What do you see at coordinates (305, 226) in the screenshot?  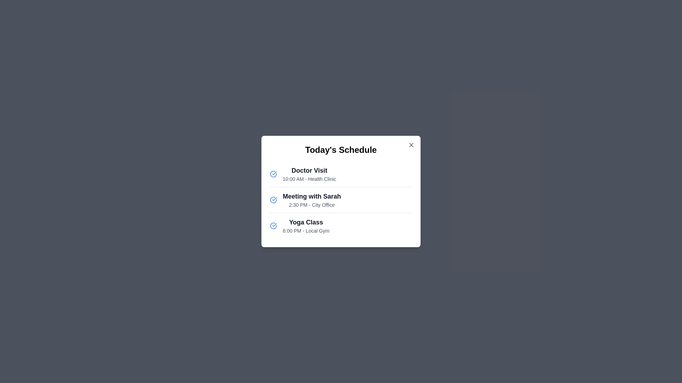 I see `the appointment titled 'Yoga Class'` at bounding box center [305, 226].